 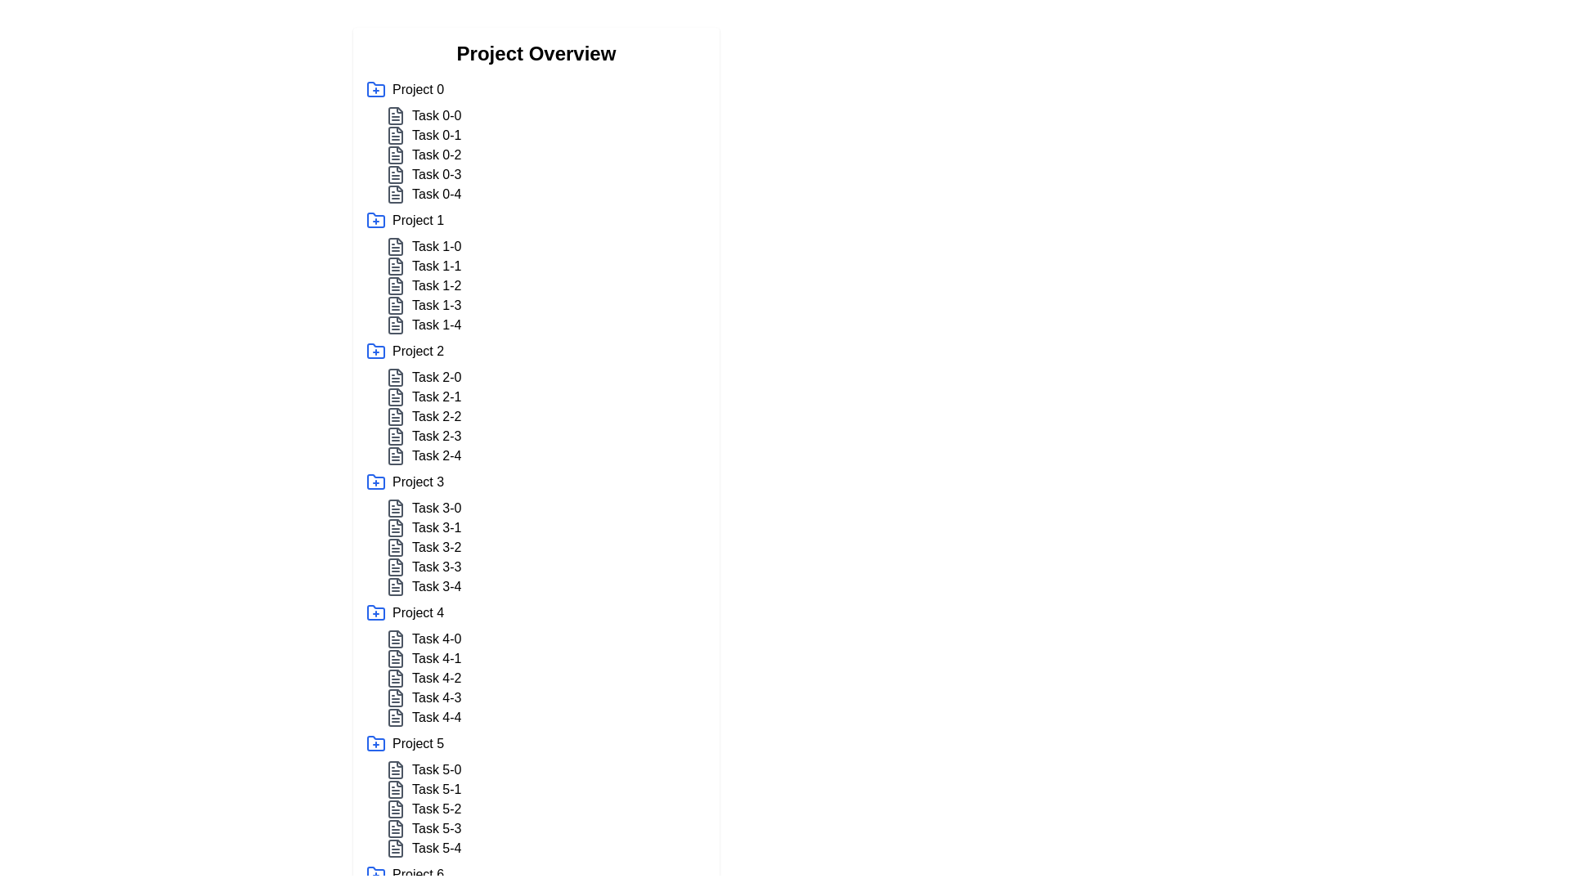 What do you see at coordinates (418, 350) in the screenshot?
I see `the 'Project 2' label in the collapsible project list to interact with the section` at bounding box center [418, 350].